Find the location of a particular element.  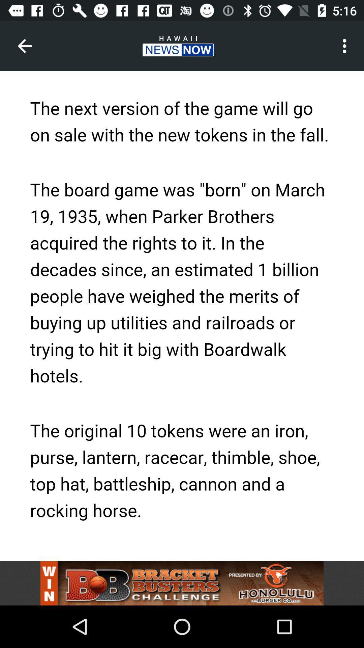

open is located at coordinates (182, 583).